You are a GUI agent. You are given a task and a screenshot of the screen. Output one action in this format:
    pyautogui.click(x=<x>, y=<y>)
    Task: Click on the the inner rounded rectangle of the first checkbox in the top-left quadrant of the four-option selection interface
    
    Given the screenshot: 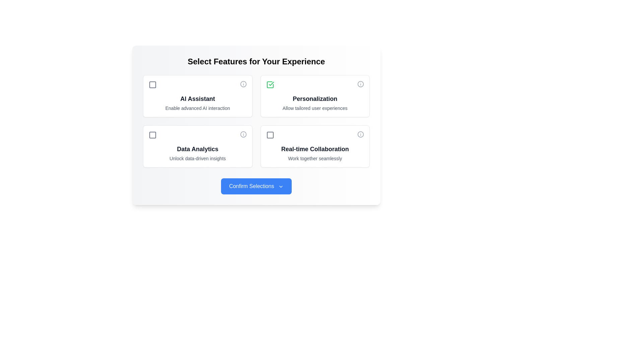 What is the action you would take?
    pyautogui.click(x=152, y=84)
    